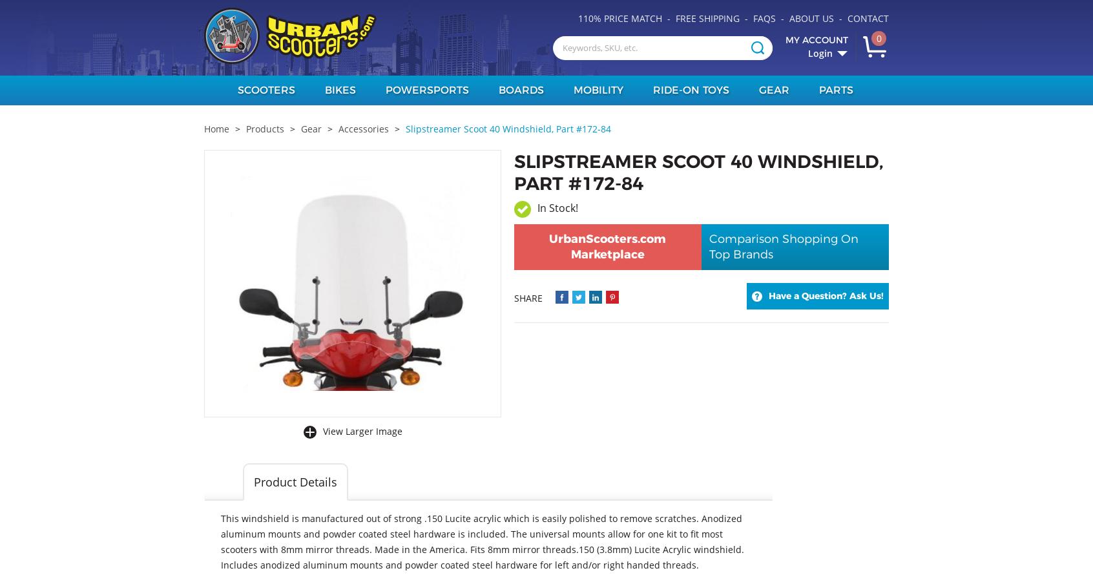  Describe the element at coordinates (265, 90) in the screenshot. I see `'Scooters'` at that location.